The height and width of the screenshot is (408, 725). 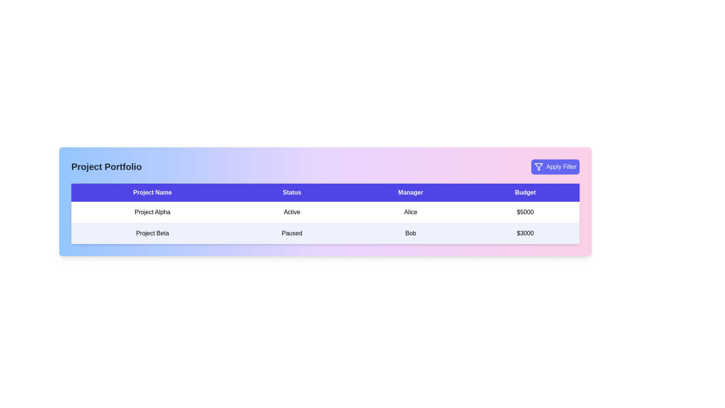 What do you see at coordinates (292, 192) in the screenshot?
I see `the 'Status' column header in the table, which is the second column header located between 'Project Name' and 'Manager'` at bounding box center [292, 192].